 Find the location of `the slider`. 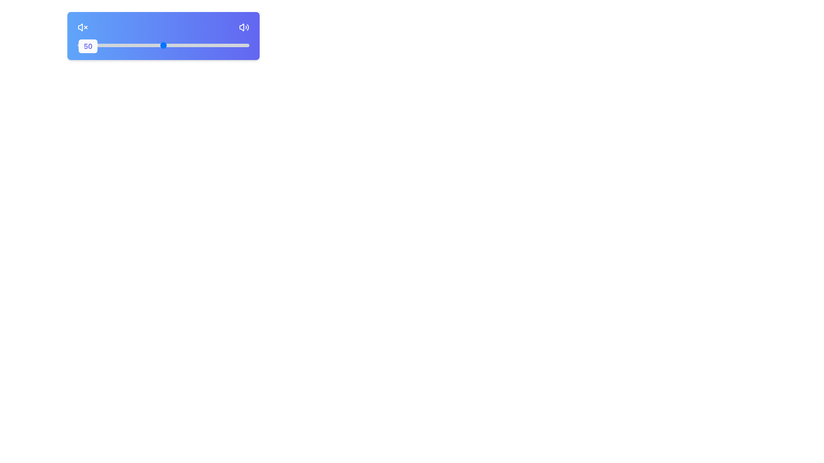

the slider is located at coordinates (194, 45).